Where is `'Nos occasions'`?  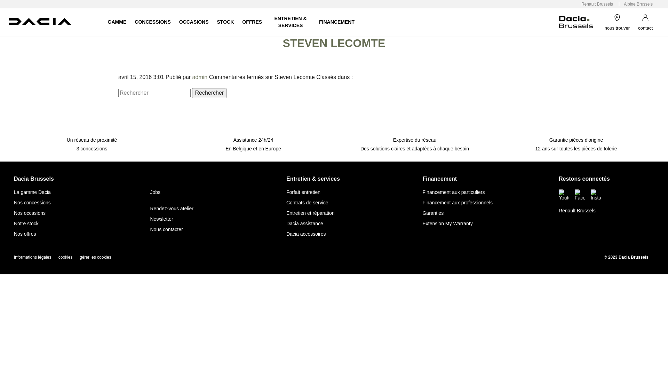
'Nos occasions' is located at coordinates (14, 213).